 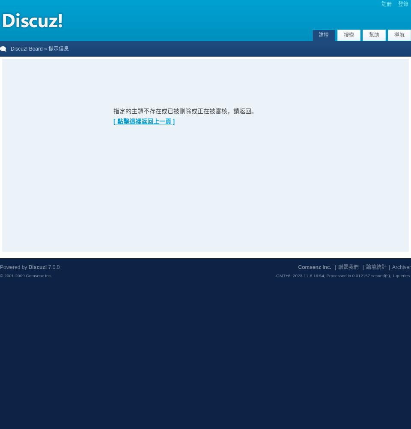 What do you see at coordinates (410, 275) in the screenshot?
I see `'.'` at bounding box center [410, 275].